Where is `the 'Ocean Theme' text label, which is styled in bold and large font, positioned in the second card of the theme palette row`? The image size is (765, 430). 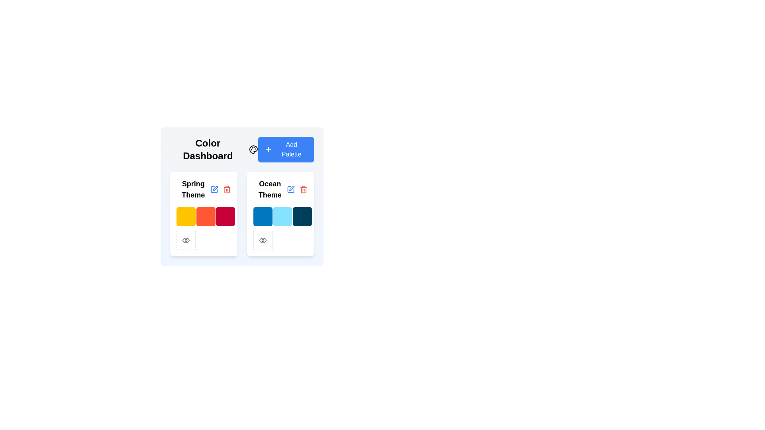
the 'Ocean Theme' text label, which is styled in bold and large font, positioned in the second card of the theme palette row is located at coordinates (280, 189).